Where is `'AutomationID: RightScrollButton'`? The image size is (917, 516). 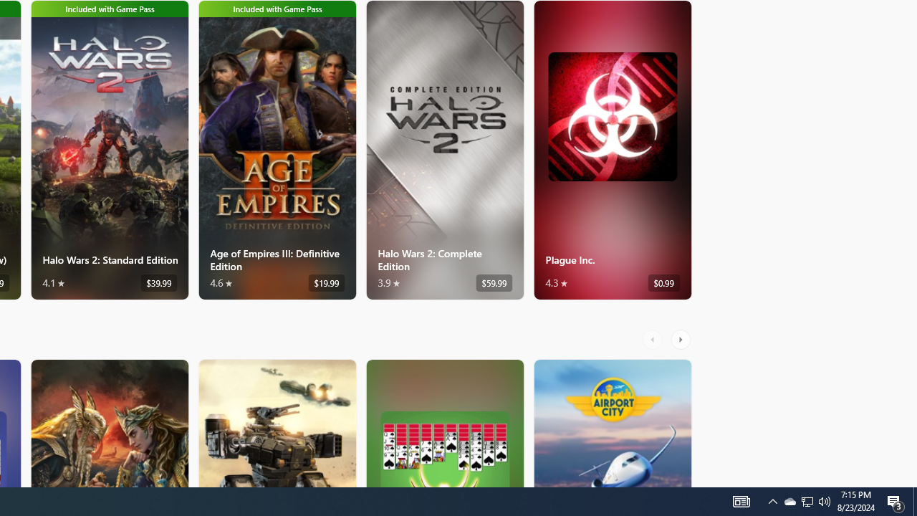
'AutomationID: RightScrollButton' is located at coordinates (681, 339).